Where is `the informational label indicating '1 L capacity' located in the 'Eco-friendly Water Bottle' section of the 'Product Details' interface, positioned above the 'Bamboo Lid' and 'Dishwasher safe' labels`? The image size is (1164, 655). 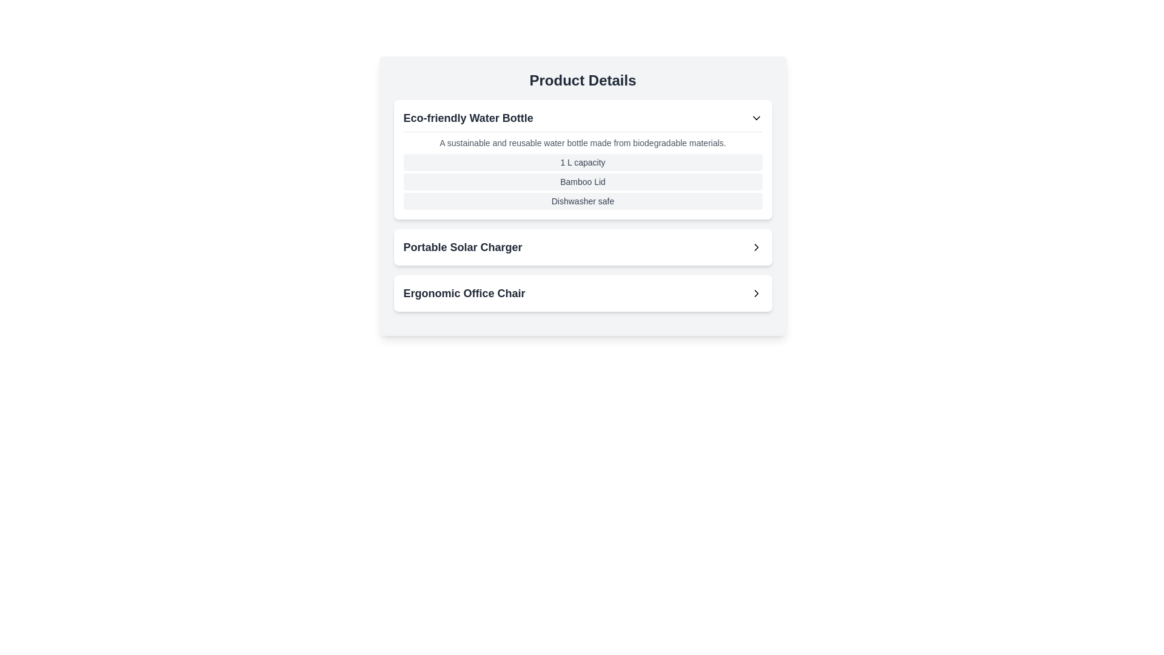
the informational label indicating '1 L capacity' located in the 'Eco-friendly Water Bottle' section of the 'Product Details' interface, positioned above the 'Bamboo Lid' and 'Dishwasher safe' labels is located at coordinates (583, 161).